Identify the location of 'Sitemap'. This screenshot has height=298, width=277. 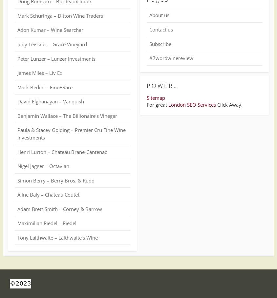
(156, 97).